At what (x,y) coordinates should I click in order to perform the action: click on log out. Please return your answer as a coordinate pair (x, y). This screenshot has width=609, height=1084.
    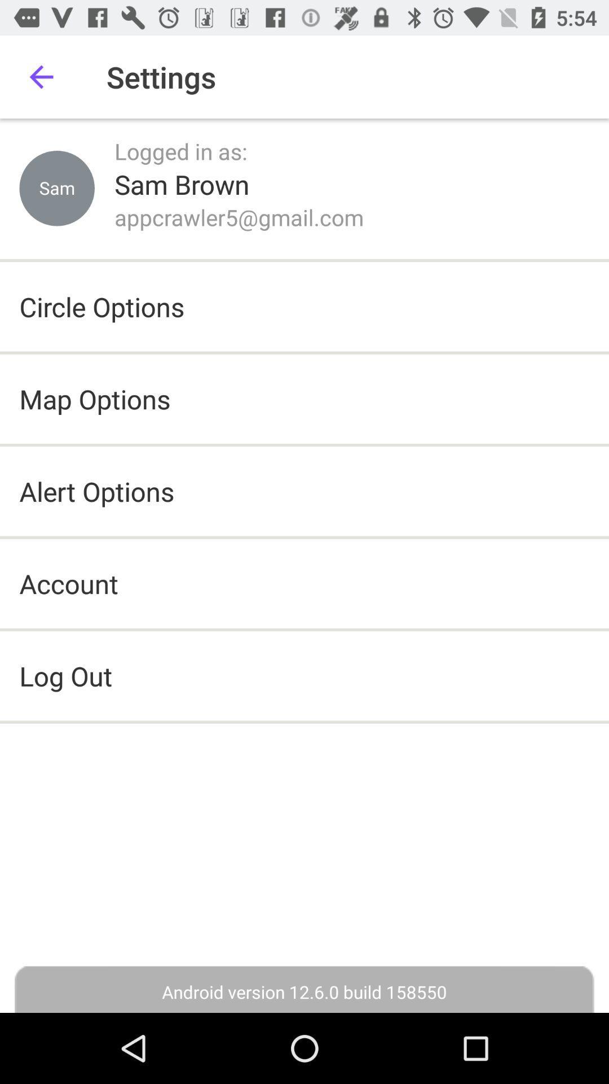
    Looking at the image, I should click on (304, 676).